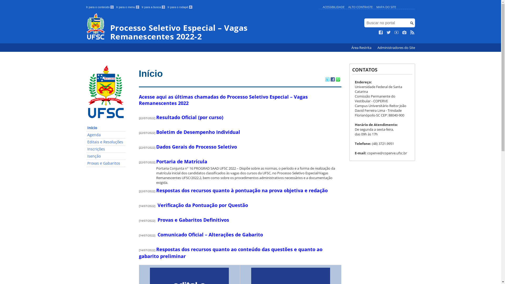 This screenshot has width=505, height=284. I want to click on 'Agenda', so click(86, 135).